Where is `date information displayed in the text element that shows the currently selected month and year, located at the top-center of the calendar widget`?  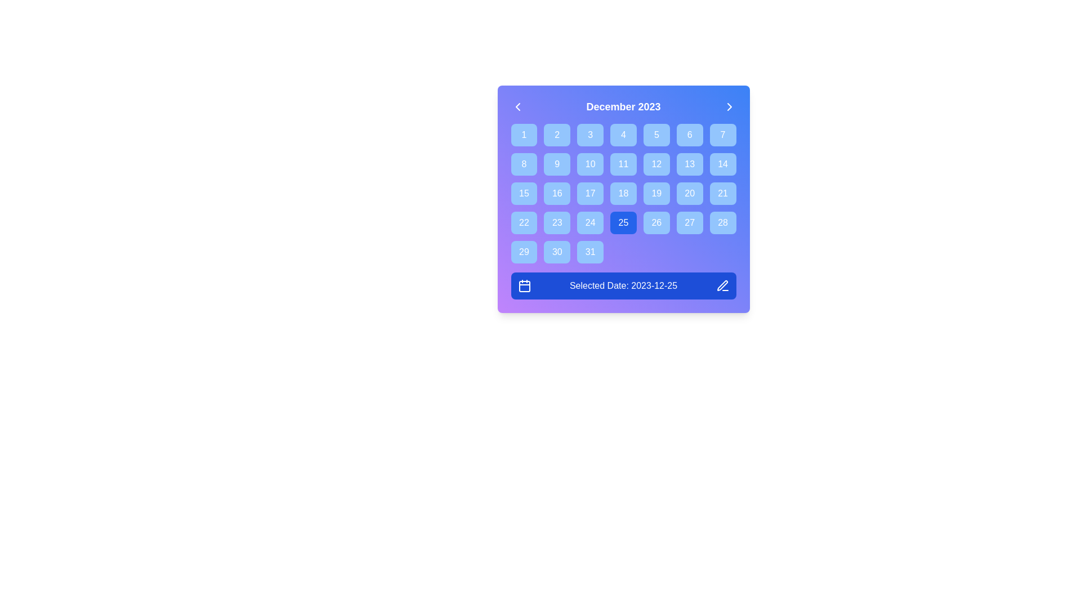 date information displayed in the text element that shows the currently selected month and year, located at the top-center of the calendar widget is located at coordinates (623, 106).